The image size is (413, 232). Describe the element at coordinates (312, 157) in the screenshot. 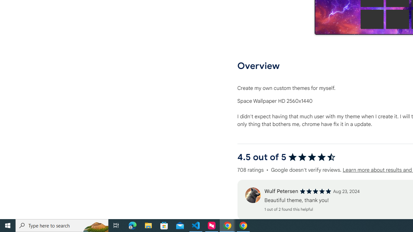

I see `'4.5 out of 5 stars'` at that location.